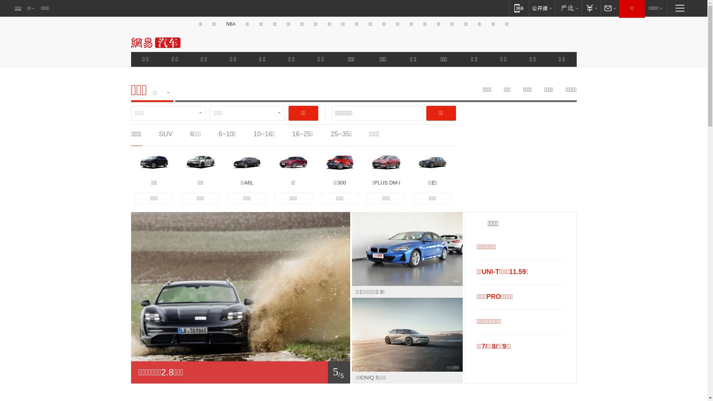 This screenshot has width=713, height=401. I want to click on 'NBA', so click(230, 24).